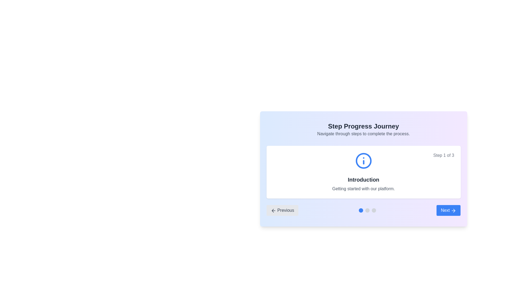  I want to click on the third circular indicator with a gray background, which is unselected and located at the bottom-center of the interface, so click(374, 210).